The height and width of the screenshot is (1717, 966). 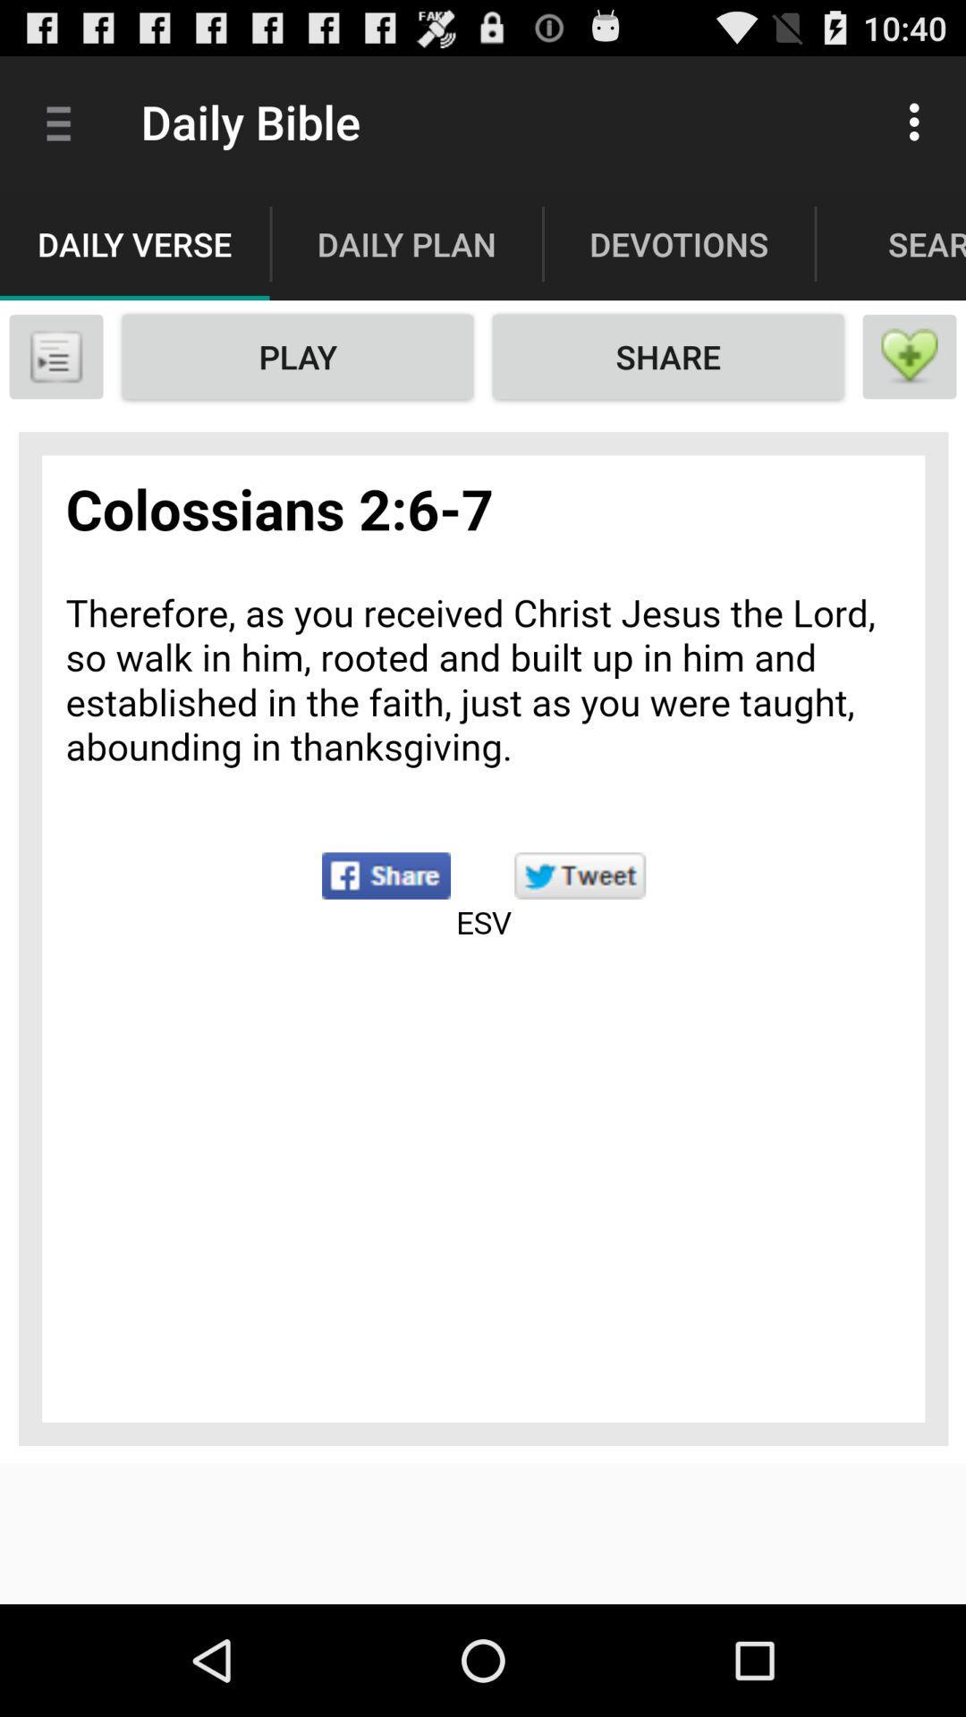 What do you see at coordinates (483, 937) in the screenshot?
I see `share tweet watch screen` at bounding box center [483, 937].